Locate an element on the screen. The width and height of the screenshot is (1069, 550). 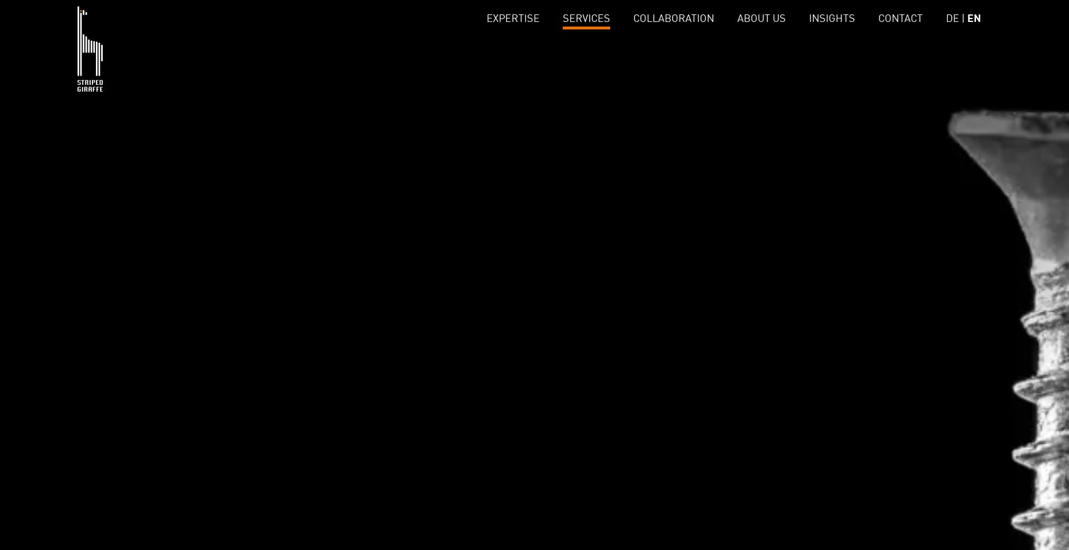
'DE |' is located at coordinates (956, 18).